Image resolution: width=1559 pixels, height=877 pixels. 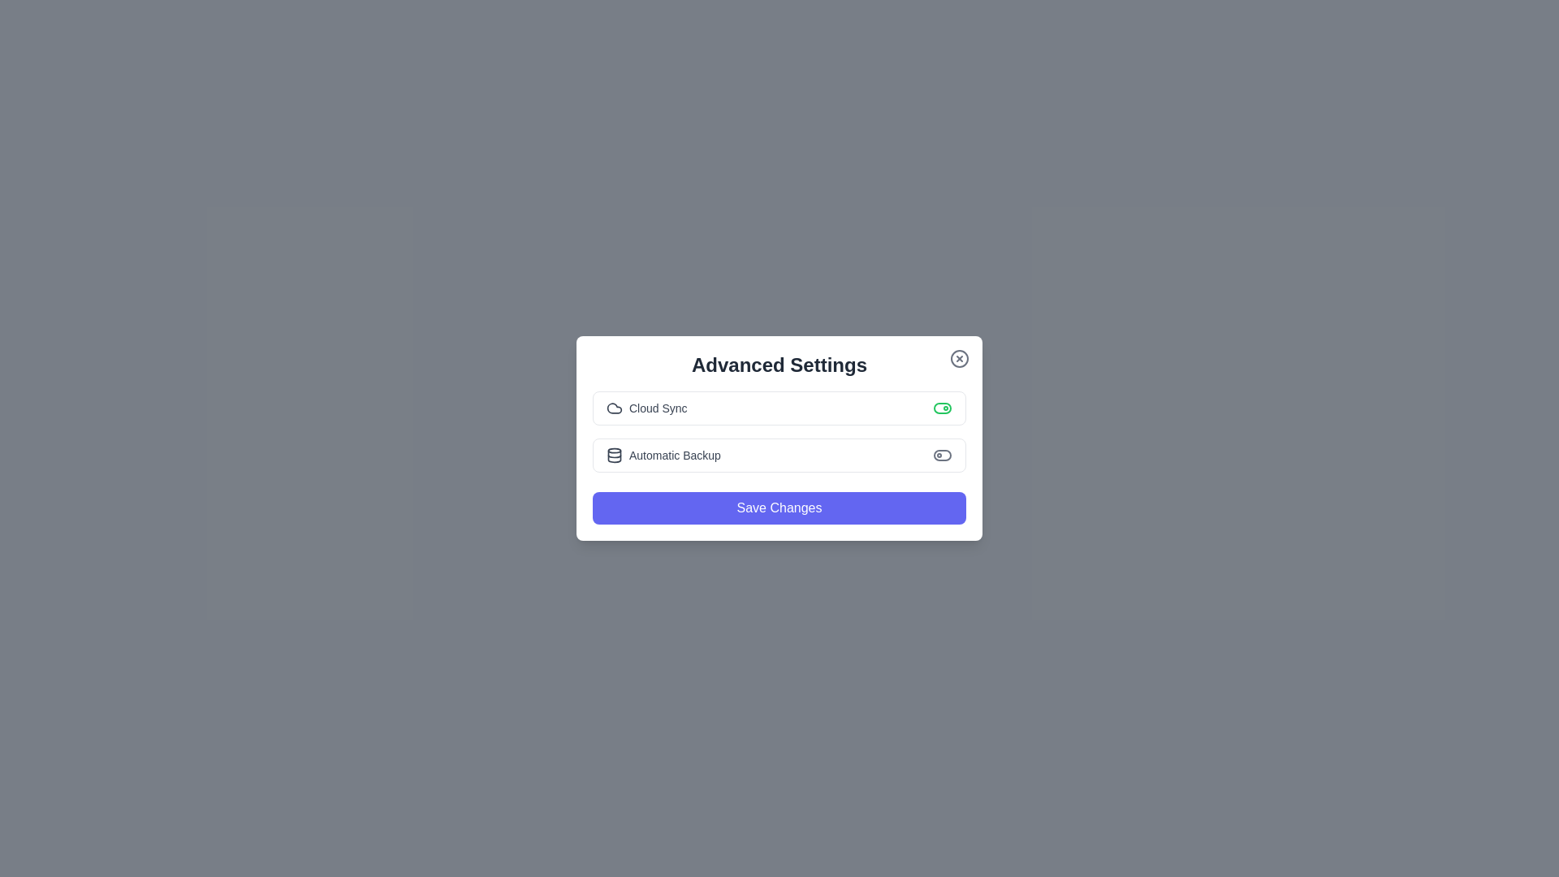 What do you see at coordinates (959, 358) in the screenshot?
I see `the close button located at the top-right corner of the 'Advanced Settings' modal` at bounding box center [959, 358].